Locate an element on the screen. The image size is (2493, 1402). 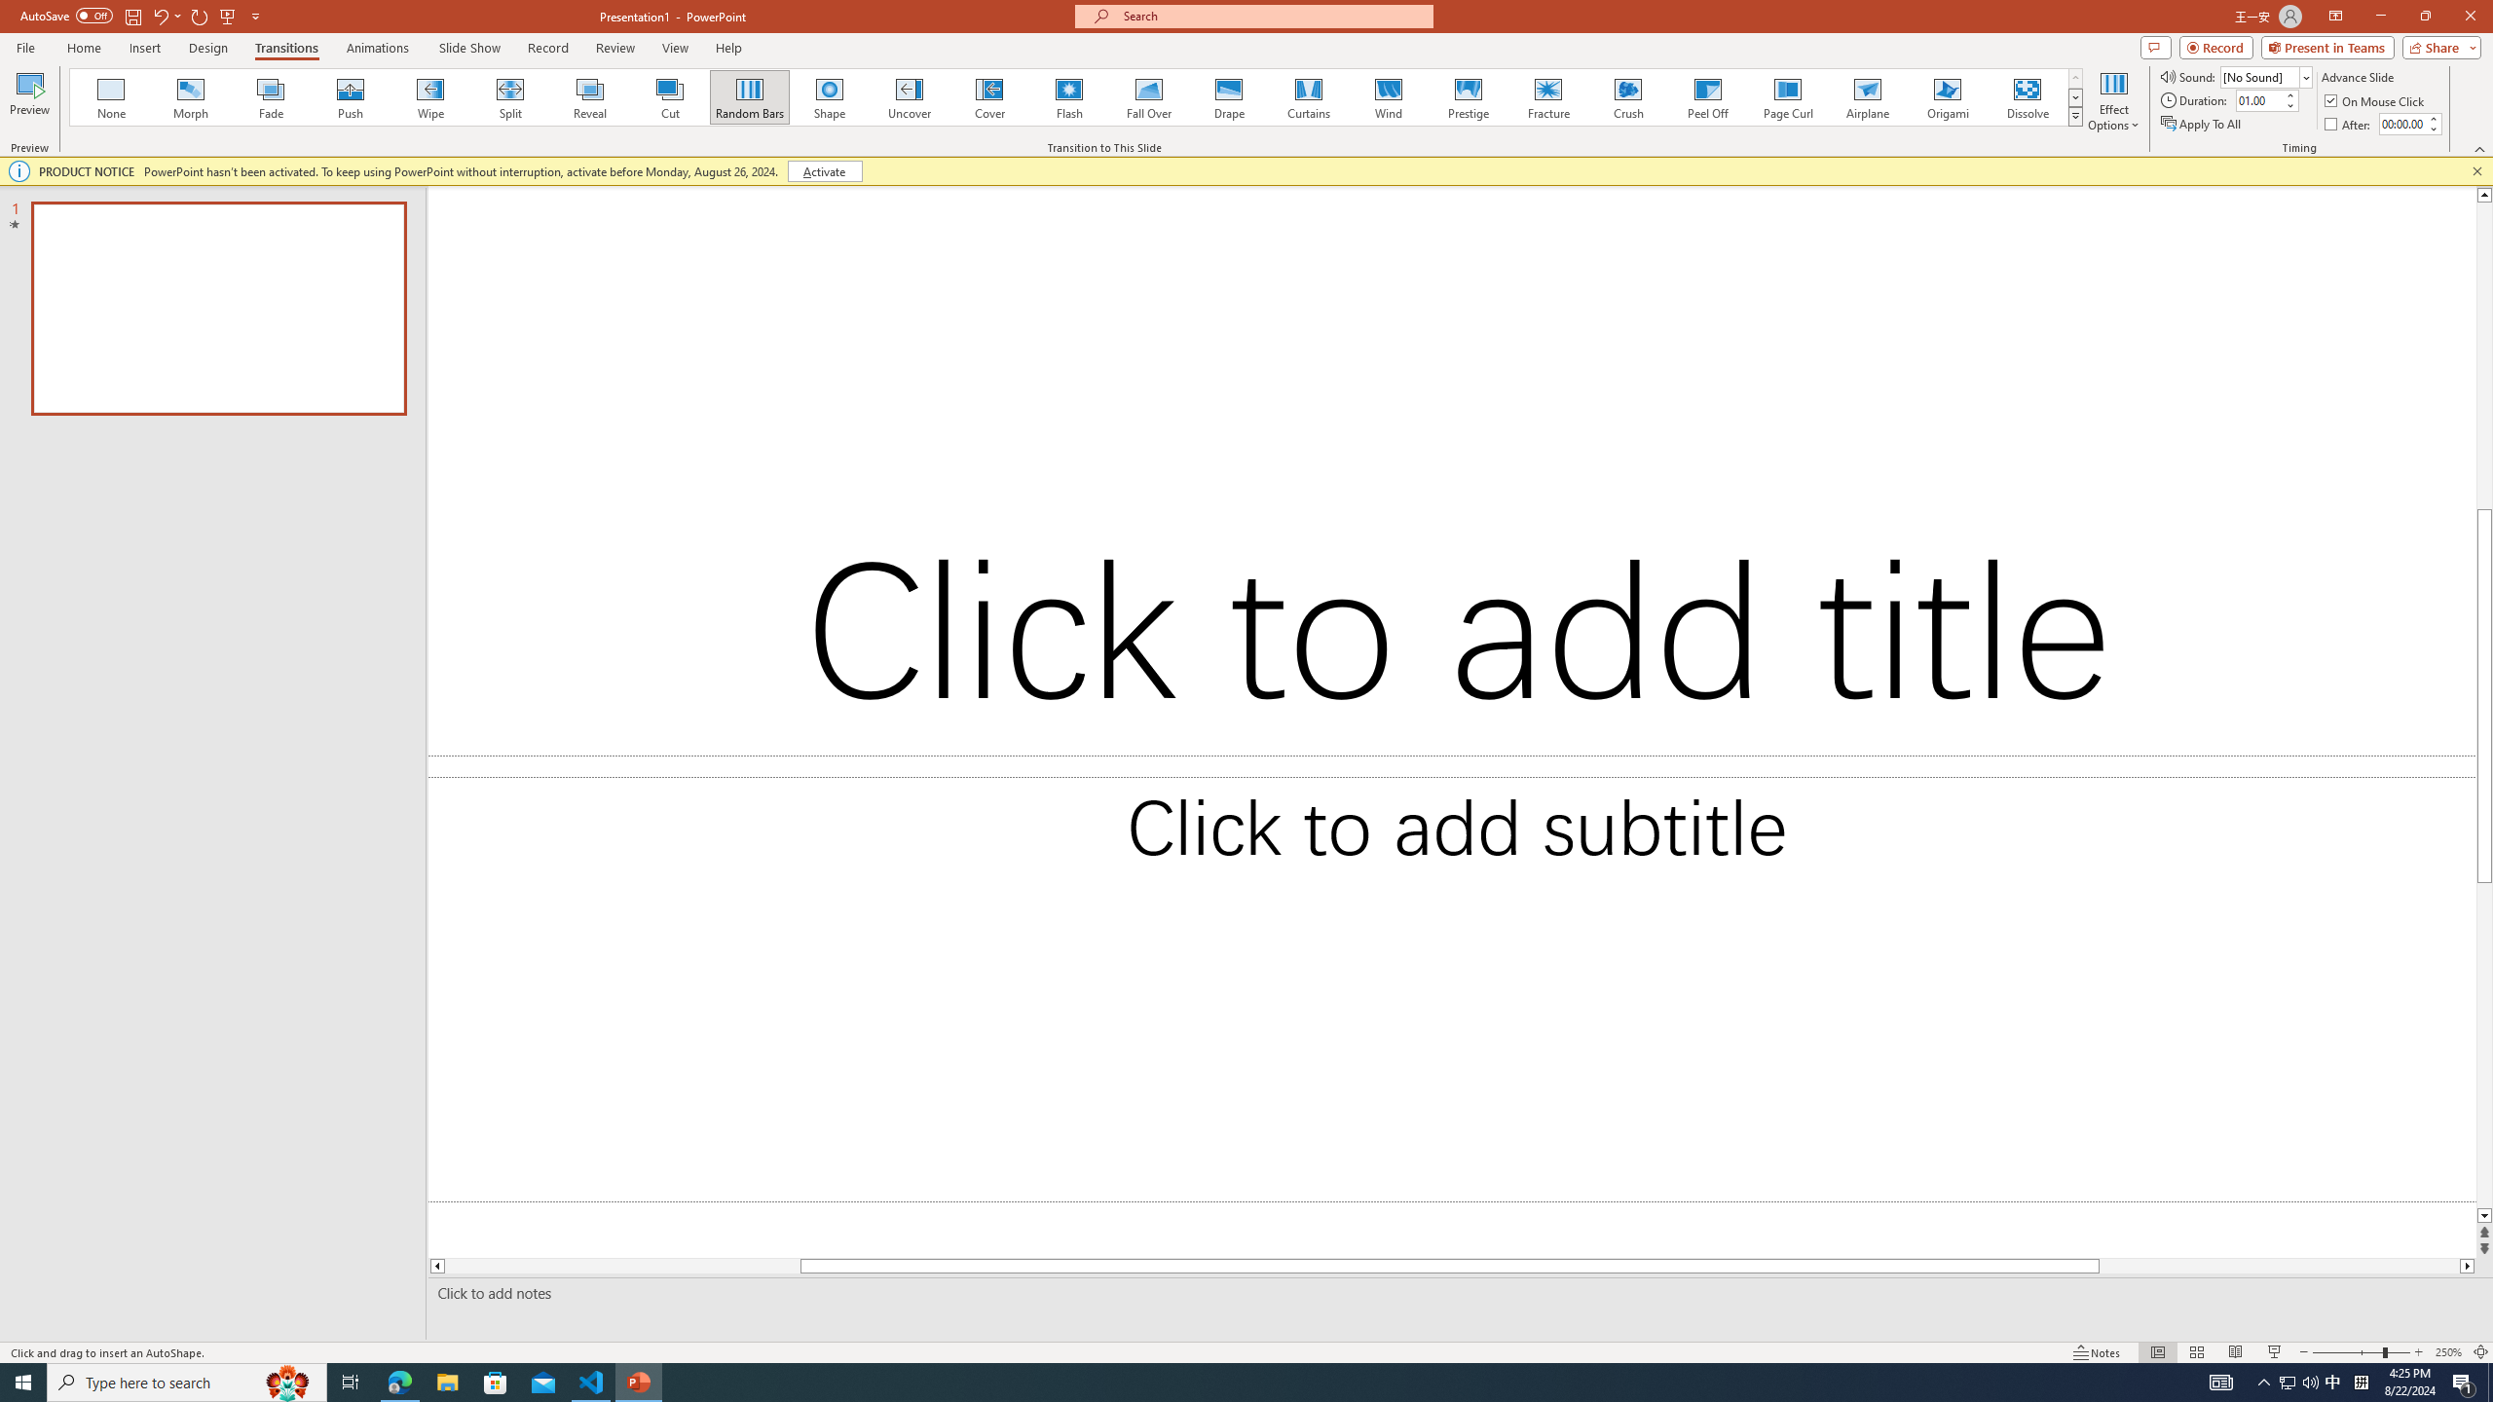
'Uncover' is located at coordinates (909, 96).